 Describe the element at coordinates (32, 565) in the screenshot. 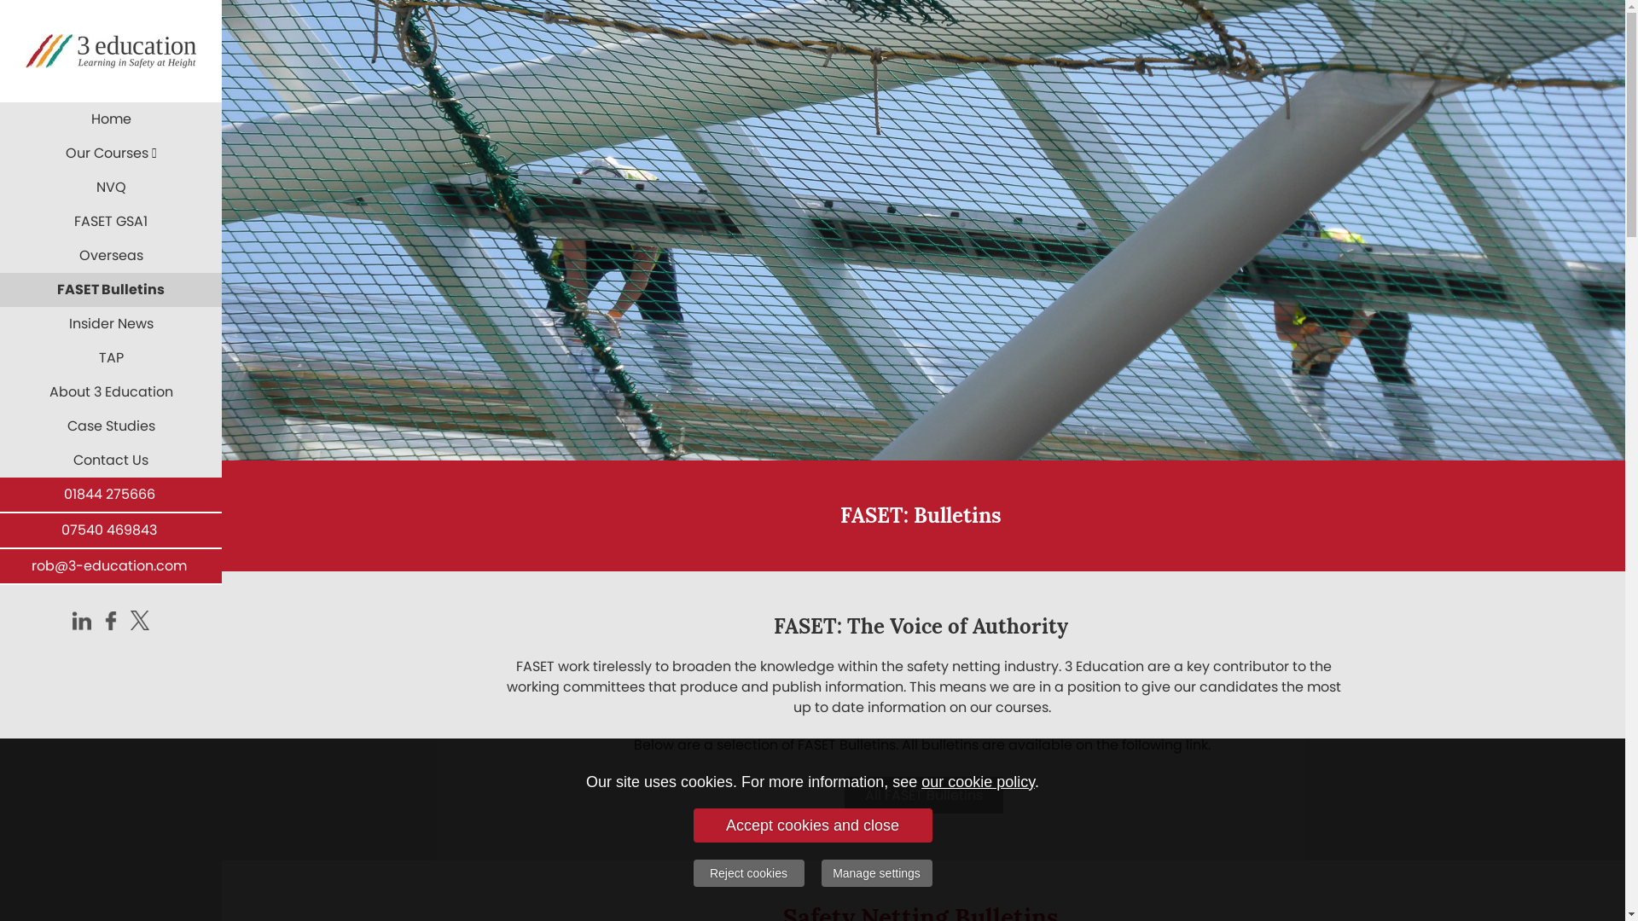

I see `'rob@3-education.com'` at that location.